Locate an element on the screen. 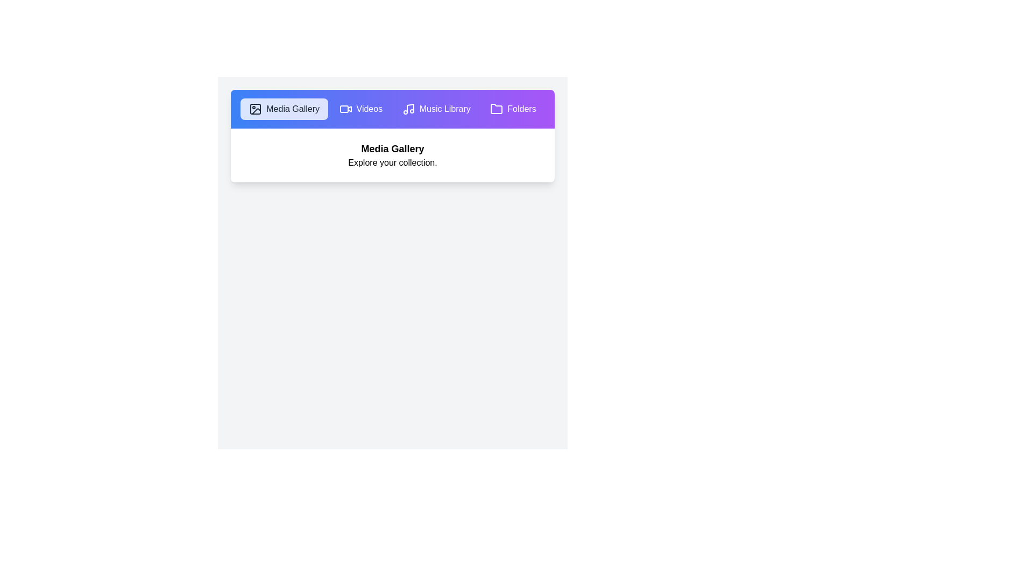 This screenshot has width=1033, height=581. the bolded text label displaying 'Media Gallery' located near the top-center of the interface, above the text 'Explore your collection.' is located at coordinates (392, 149).